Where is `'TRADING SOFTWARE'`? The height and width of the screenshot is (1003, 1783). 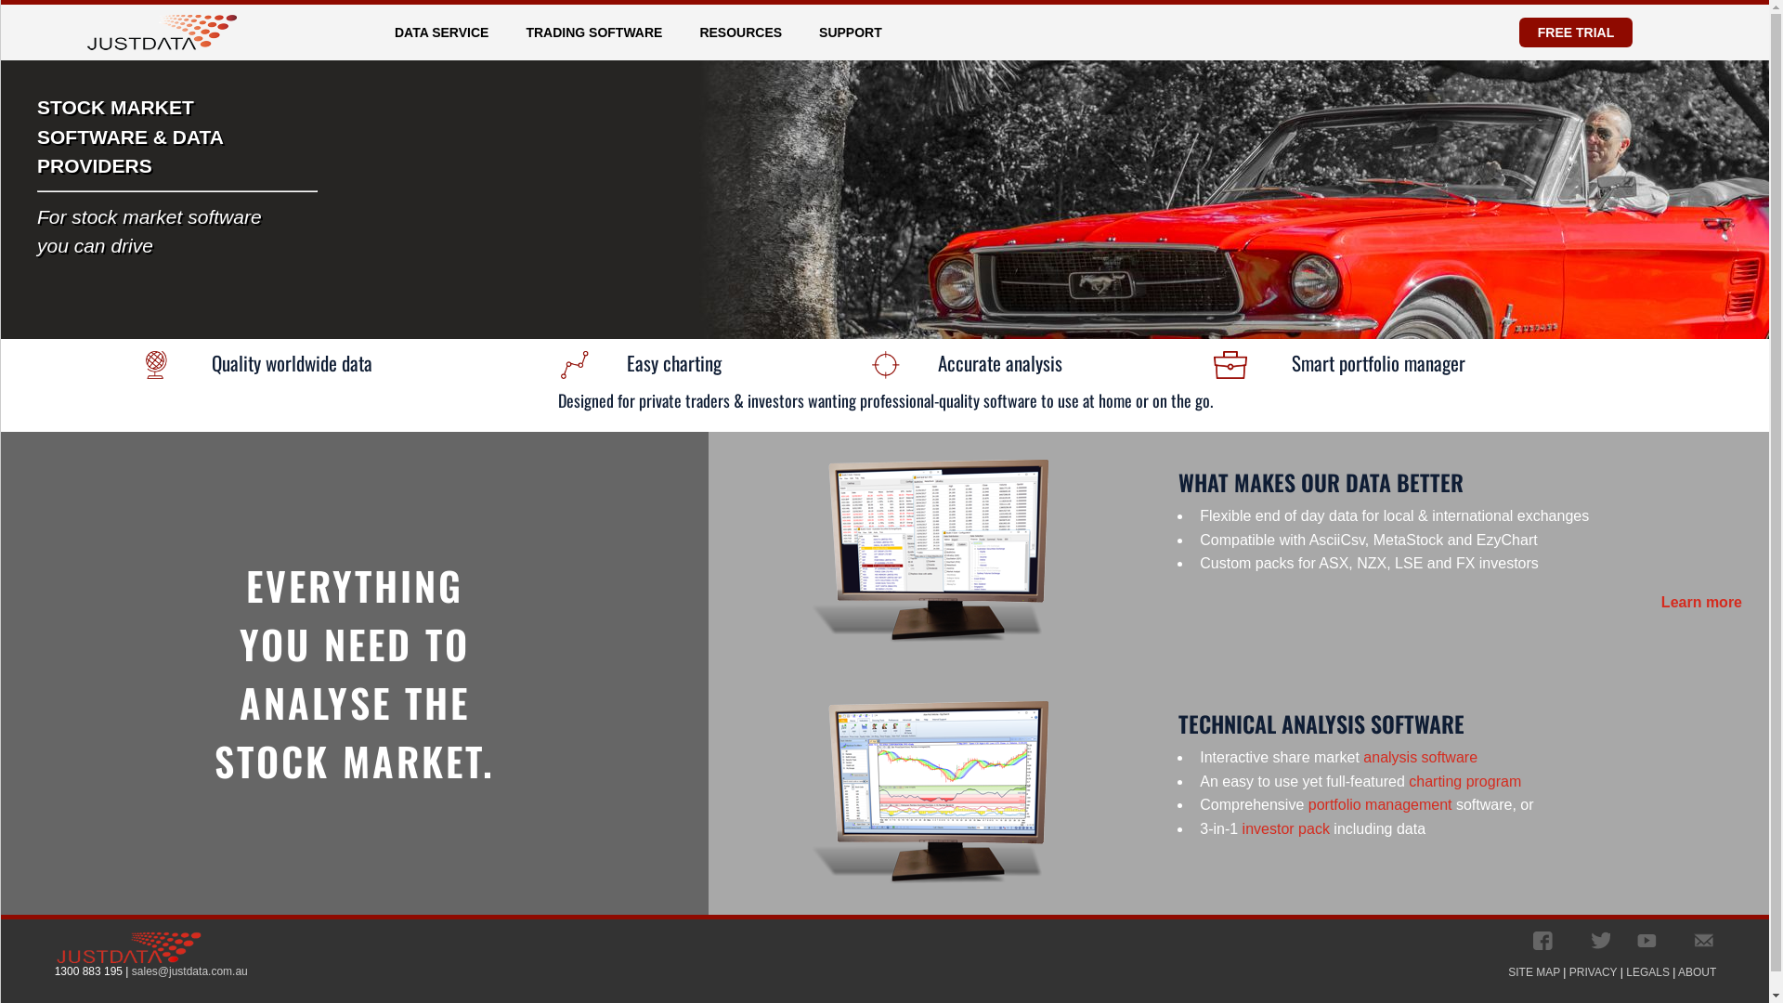
'TRADING SOFTWARE' is located at coordinates (600, 32).